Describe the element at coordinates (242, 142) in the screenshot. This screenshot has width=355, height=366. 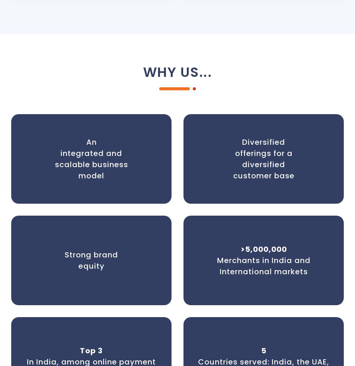
I see `'Diversified'` at that location.